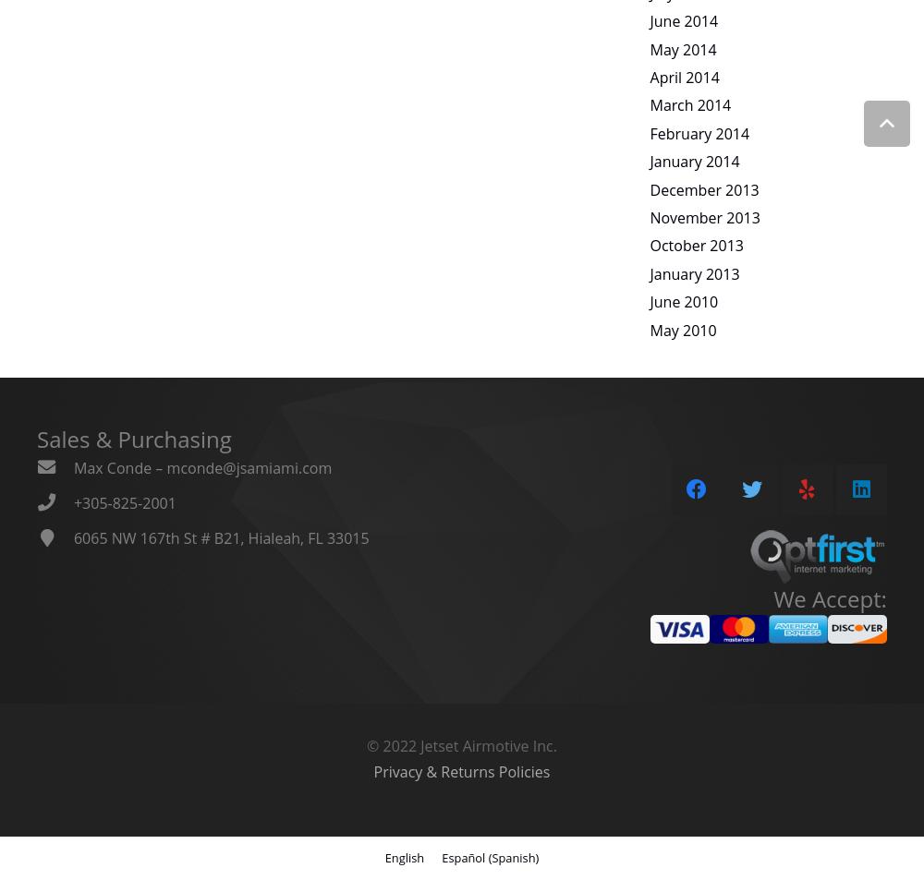 This screenshot has width=924, height=880. Describe the element at coordinates (649, 76) in the screenshot. I see `'April 2014'` at that location.